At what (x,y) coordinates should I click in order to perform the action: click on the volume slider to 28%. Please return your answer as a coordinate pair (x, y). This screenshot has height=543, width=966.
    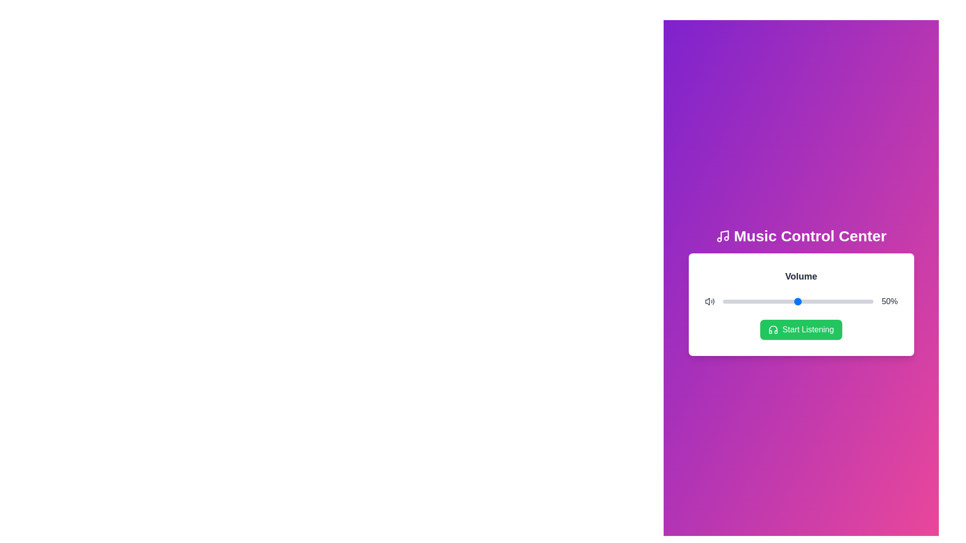
    Looking at the image, I should click on (765, 301).